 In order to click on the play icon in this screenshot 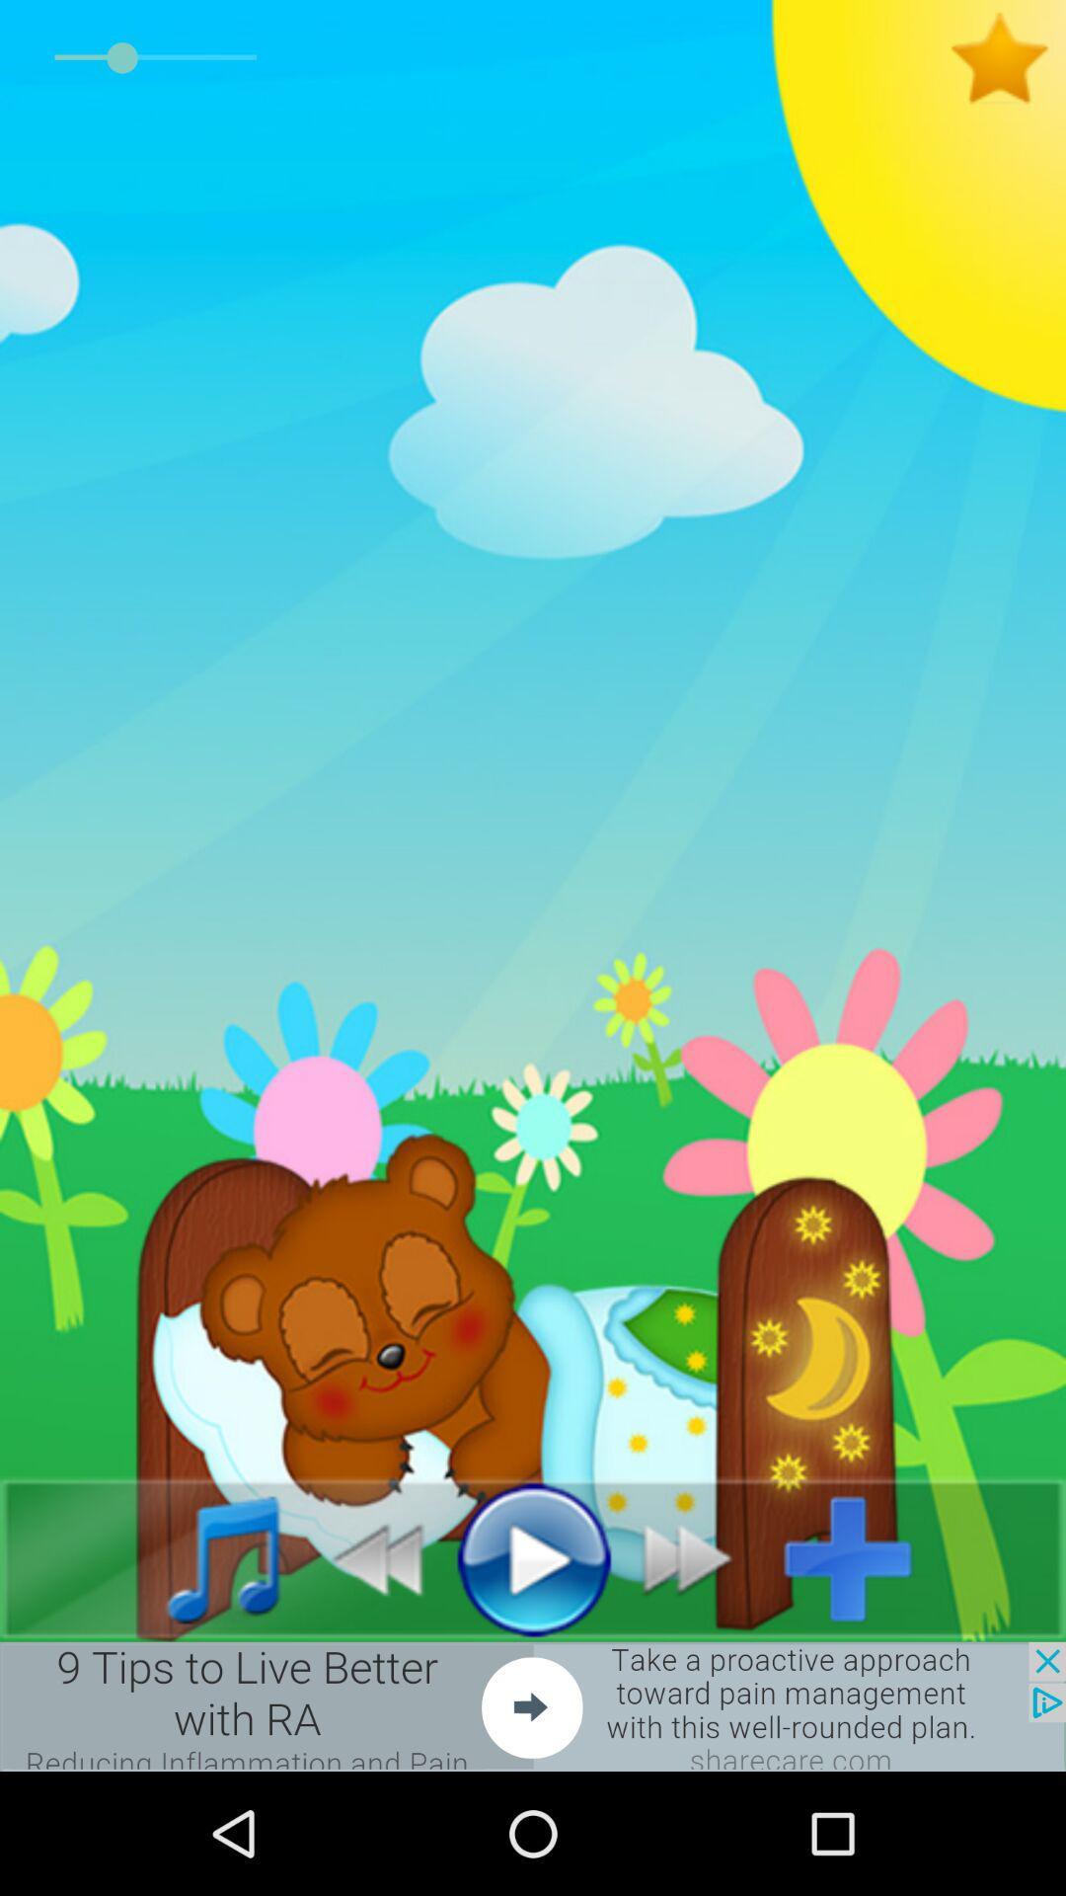, I will do `click(533, 1557)`.